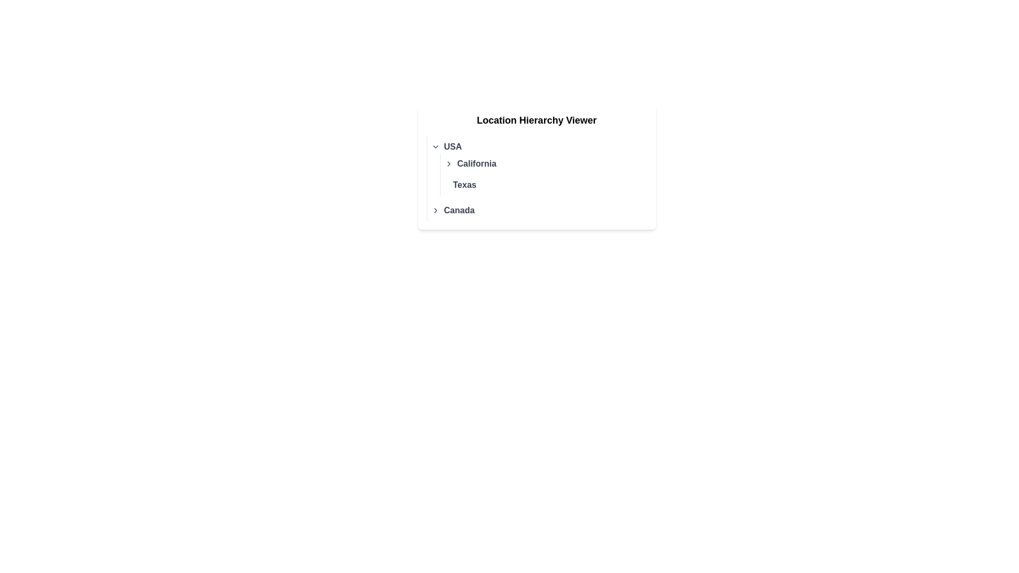  Describe the element at coordinates (448, 163) in the screenshot. I see `the interactive navigation chevron button located to the immediate left of the text 'California' in the hierarchical menu to change its color` at that location.